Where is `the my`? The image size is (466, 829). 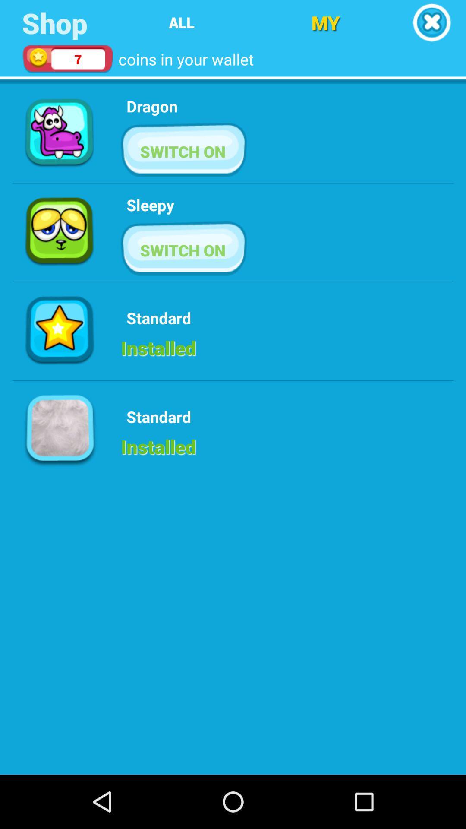
the my is located at coordinates (325, 22).